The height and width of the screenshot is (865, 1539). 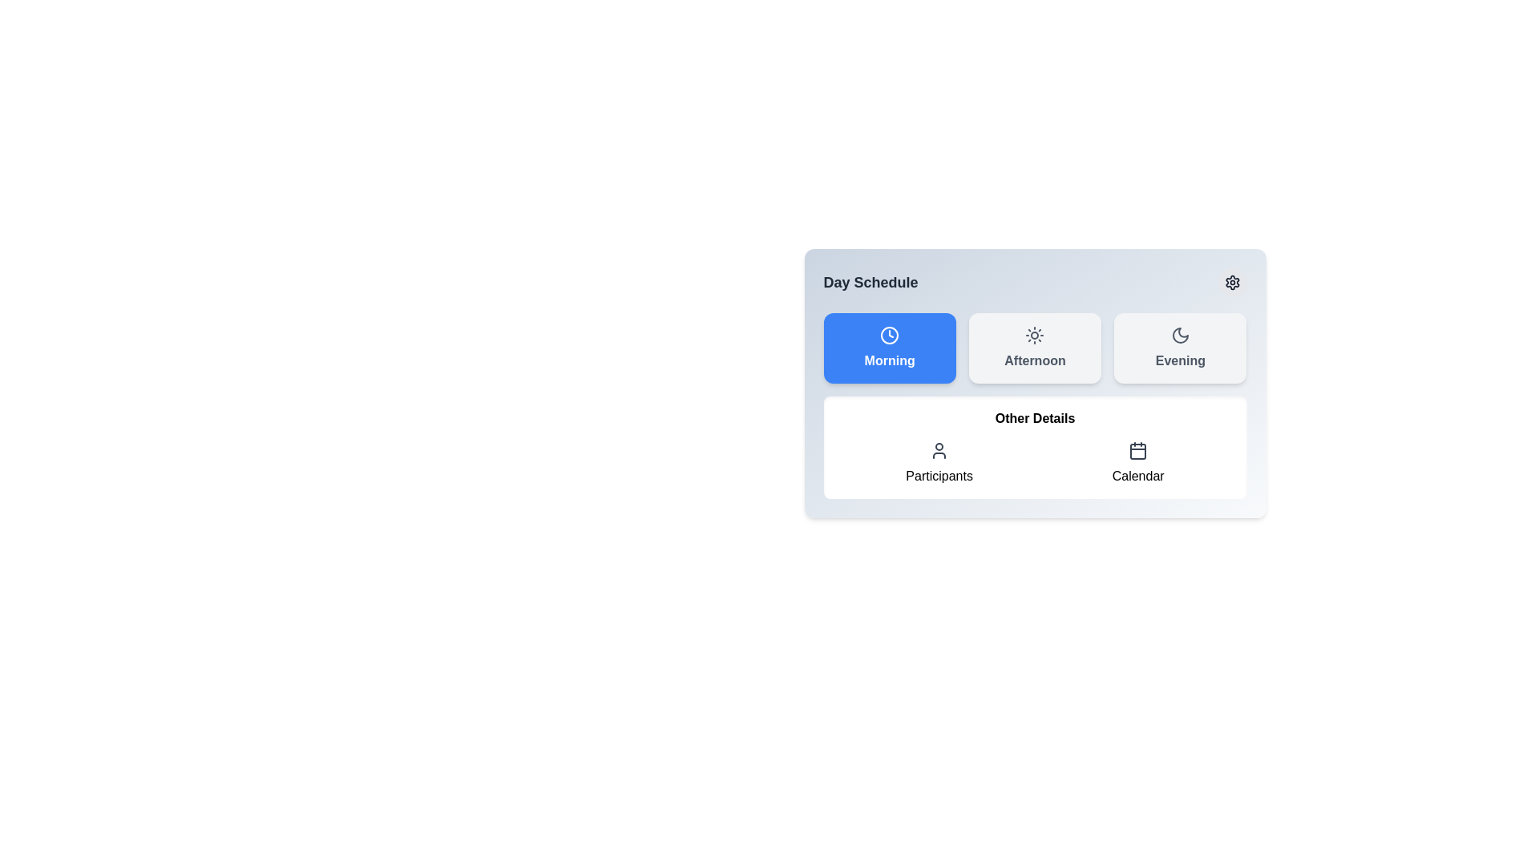 What do you see at coordinates (1231, 282) in the screenshot?
I see `the decorative settings icon located in the top-right corner of the main content section, which visually represents a settings action` at bounding box center [1231, 282].